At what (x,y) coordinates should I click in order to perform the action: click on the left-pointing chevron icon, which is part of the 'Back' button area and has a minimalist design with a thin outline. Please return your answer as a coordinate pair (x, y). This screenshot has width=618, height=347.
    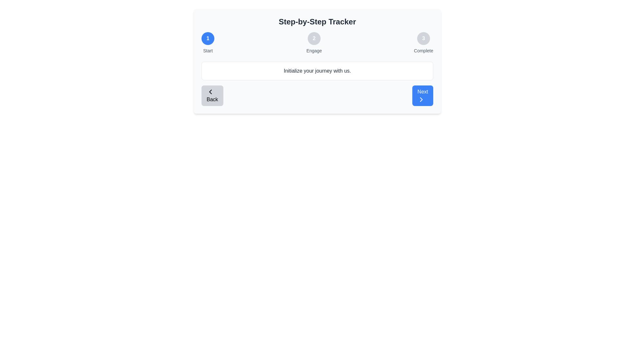
    Looking at the image, I should click on (210, 92).